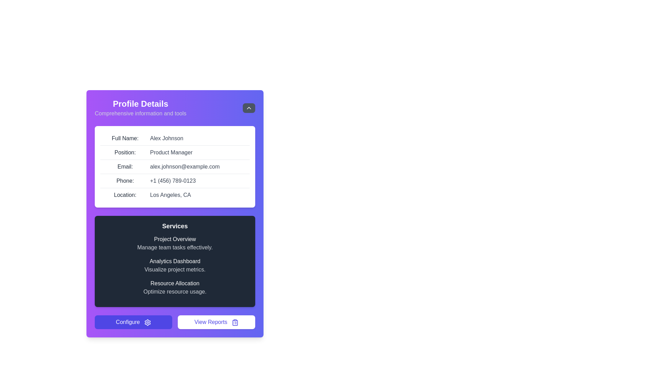  What do you see at coordinates (147, 322) in the screenshot?
I see `the decorative SVG graphic icon representing configuration settings located to the left of the 'View Reports' button within the 'Configure' button at the bottom left corner of the main panel` at bounding box center [147, 322].